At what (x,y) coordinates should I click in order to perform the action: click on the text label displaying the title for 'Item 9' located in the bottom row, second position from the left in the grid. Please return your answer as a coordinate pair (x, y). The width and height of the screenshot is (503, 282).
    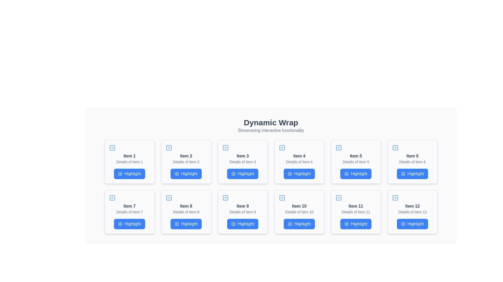
    Looking at the image, I should click on (242, 206).